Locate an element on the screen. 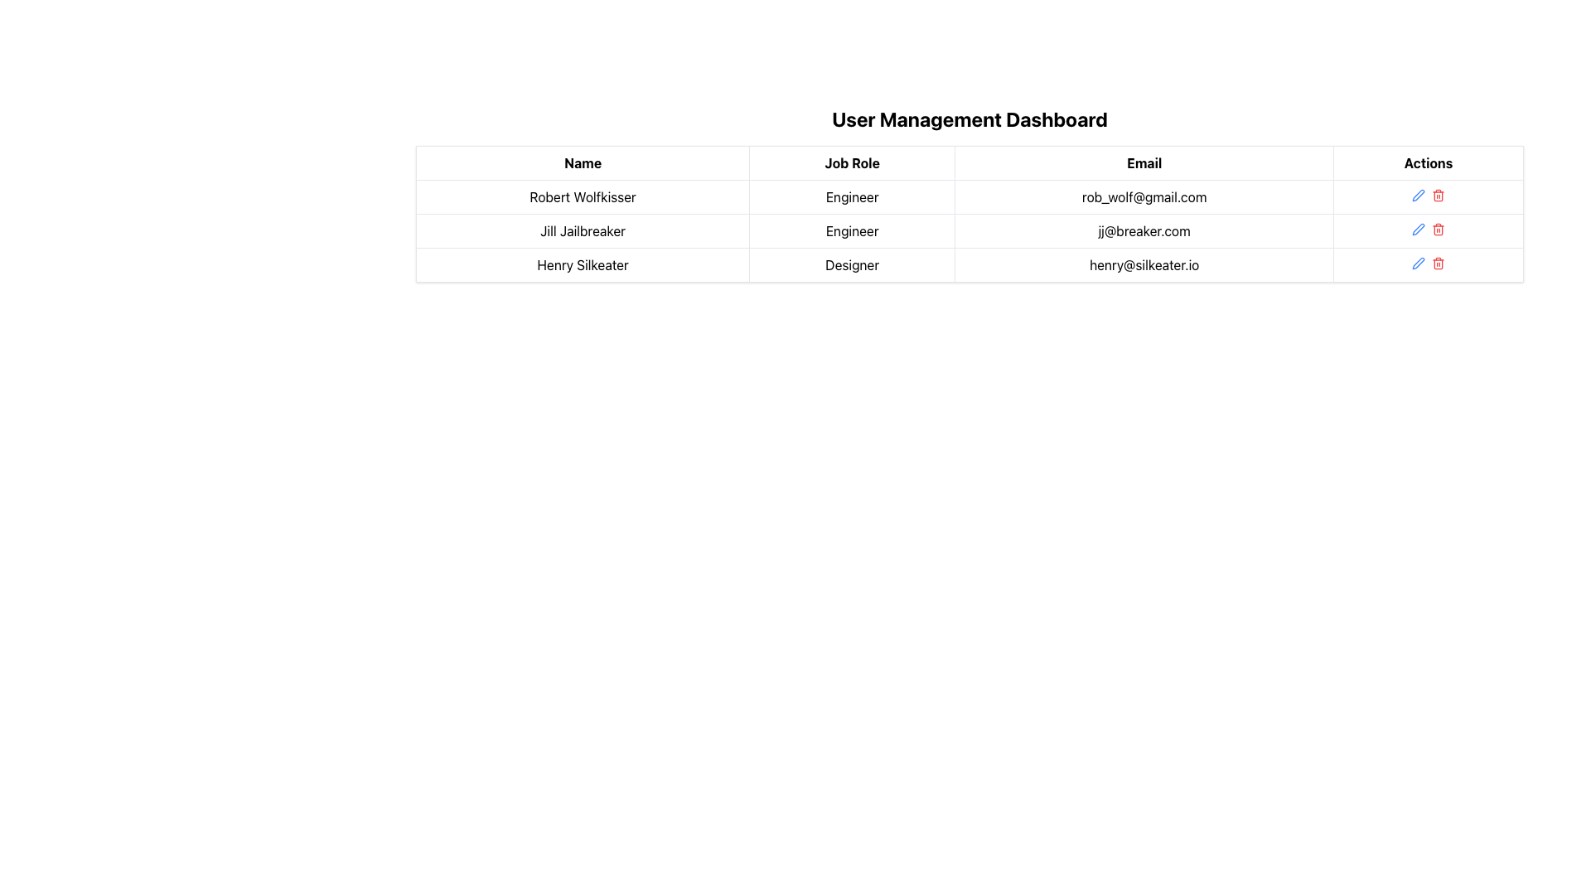 This screenshot has height=895, width=1591. to select the third row in the user management table displaying 'Henry Silkeater', 'Designer', and 'henry@silkeater.io' is located at coordinates (970, 264).